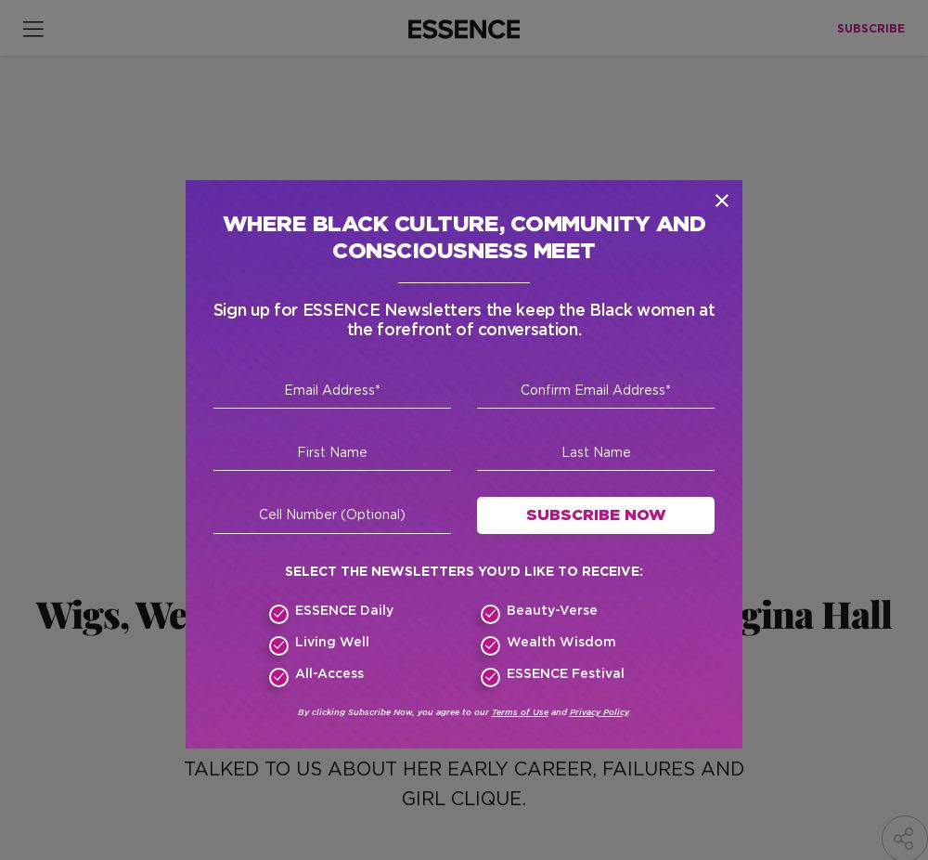  I want to click on 'delivered to your inbox', so click(358, 545).